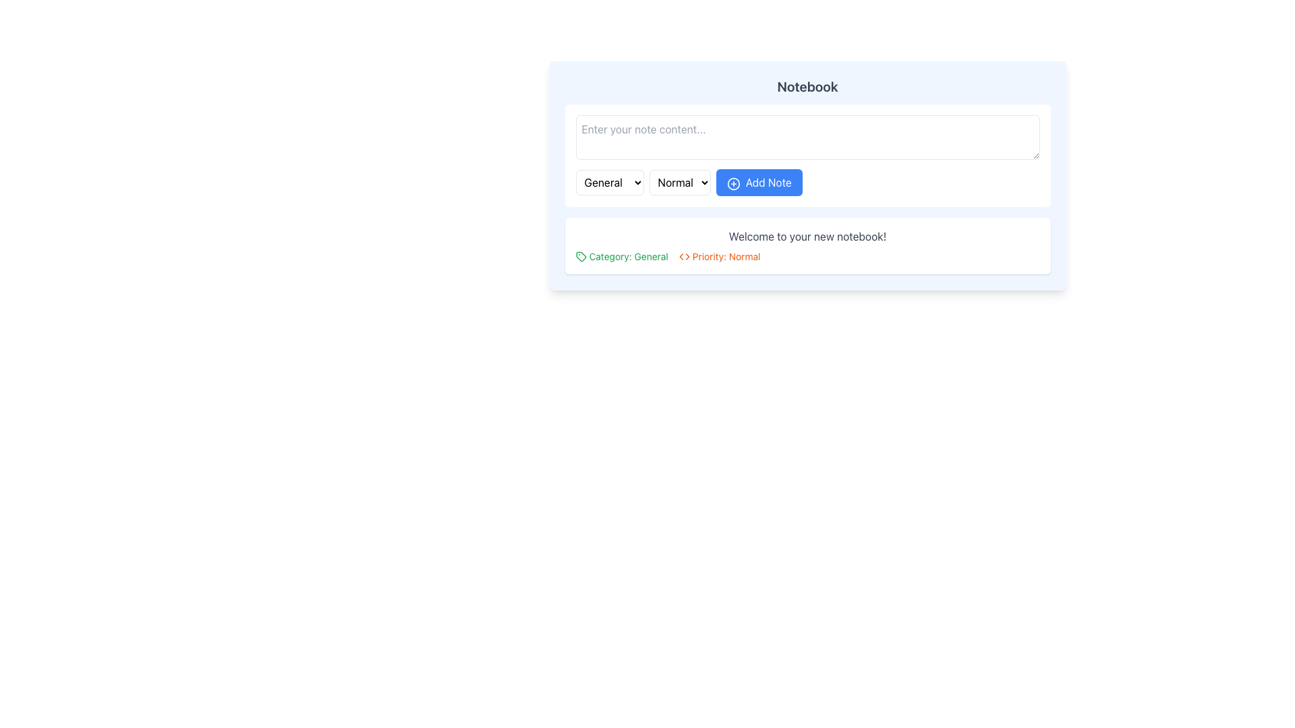 The height and width of the screenshot is (728, 1295). Describe the element at coordinates (732, 183) in the screenshot. I see `the filled circle icon that is centrally located within the 'Add Note' button area on the interface panel` at that location.